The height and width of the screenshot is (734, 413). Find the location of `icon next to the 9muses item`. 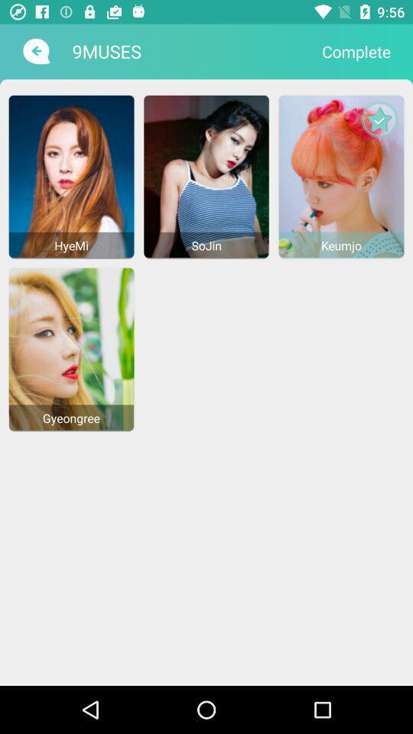

icon next to the 9muses item is located at coordinates (356, 51).